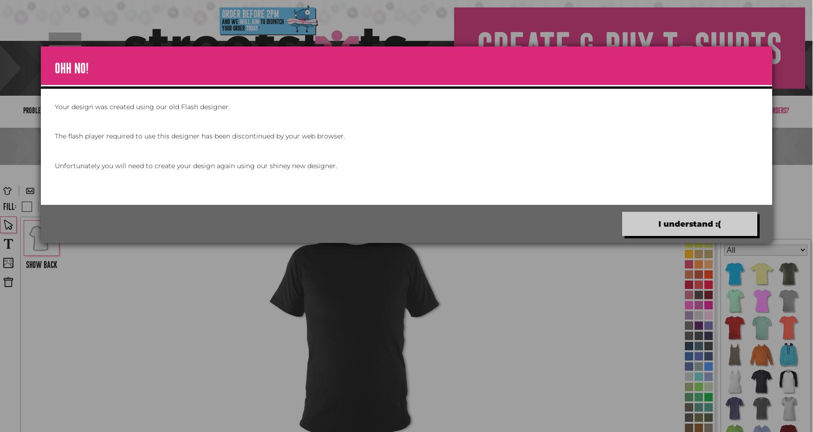  What do you see at coordinates (167, 206) in the screenshot?
I see `'Size:'` at bounding box center [167, 206].